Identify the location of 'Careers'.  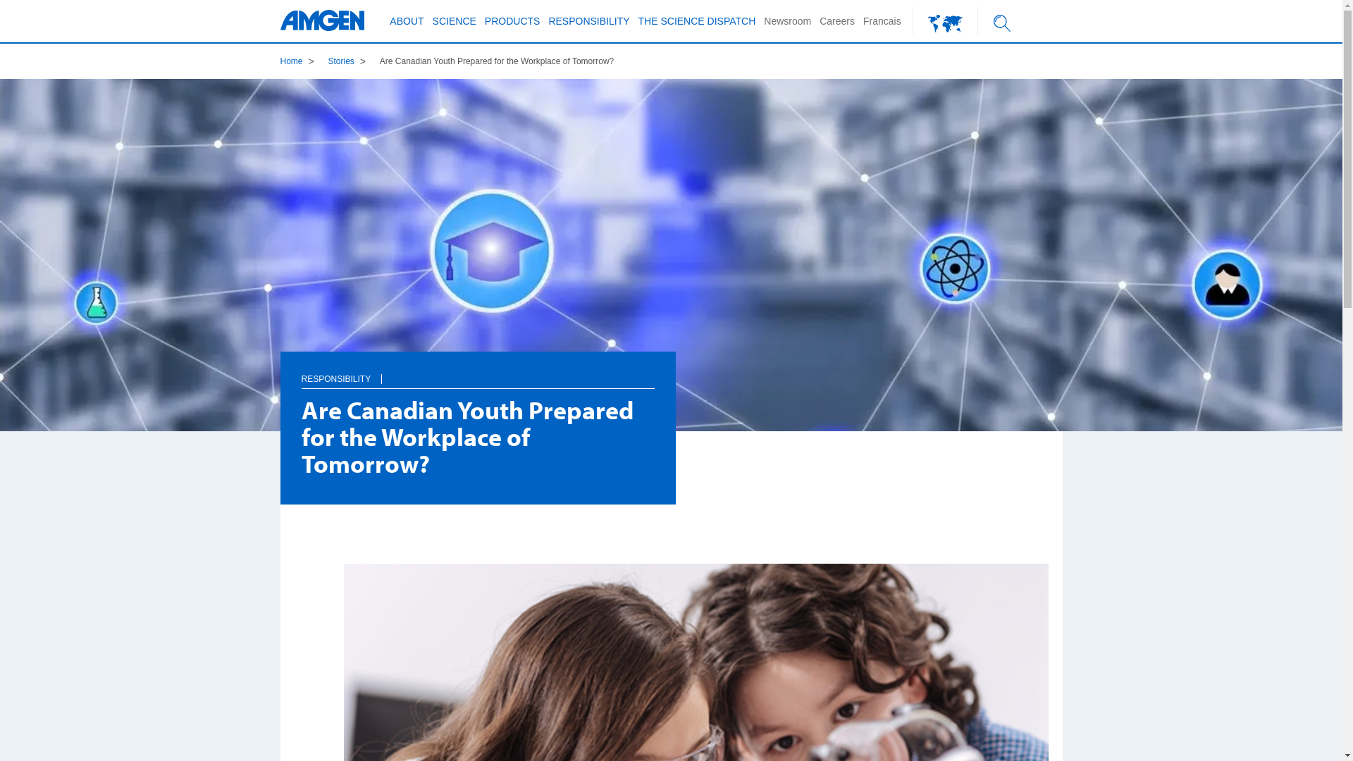
(837, 21).